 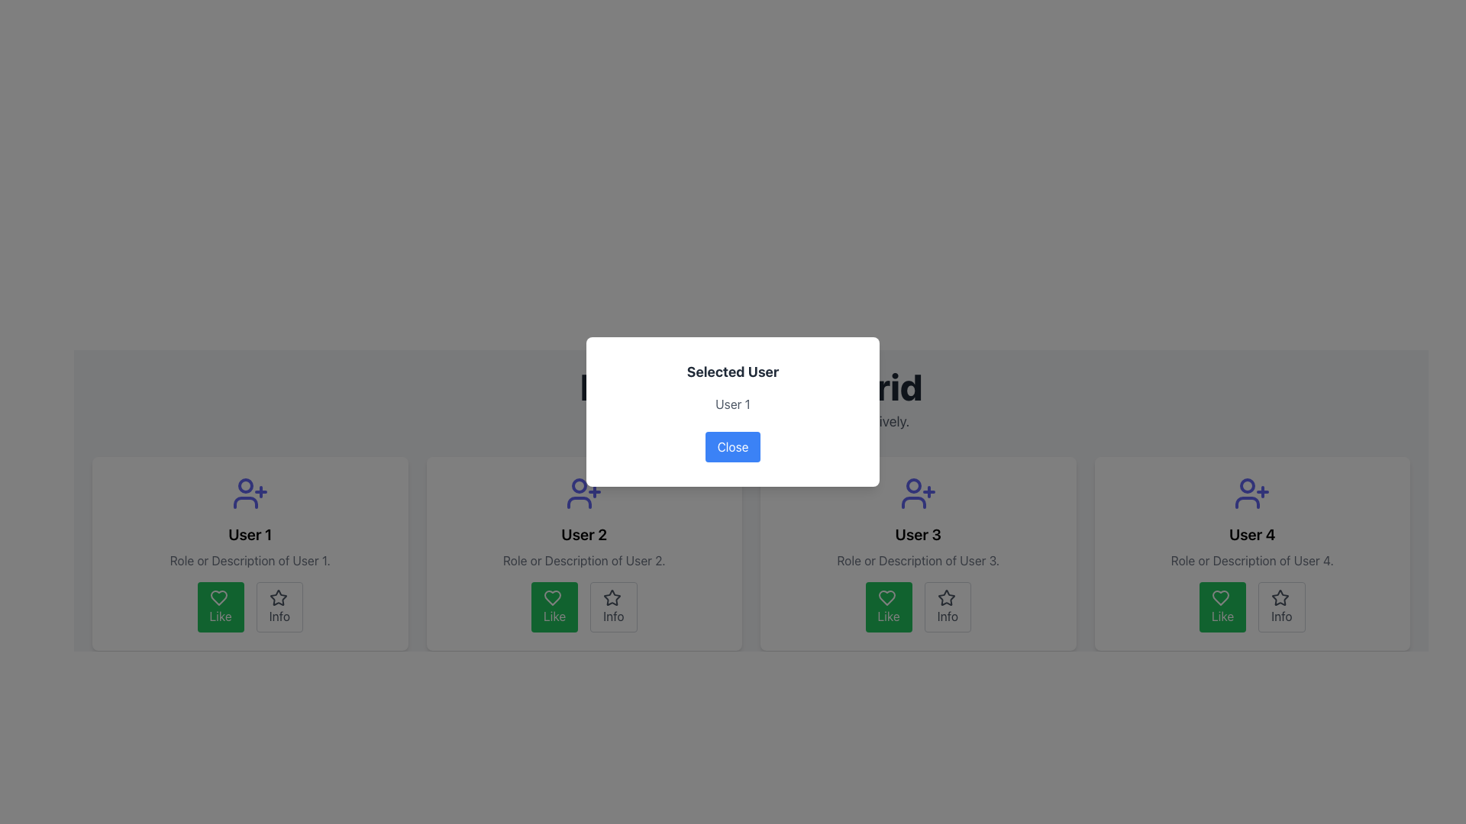 What do you see at coordinates (613, 606) in the screenshot?
I see `the 'Info' button located at the bottom of 'User 2's' user card` at bounding box center [613, 606].